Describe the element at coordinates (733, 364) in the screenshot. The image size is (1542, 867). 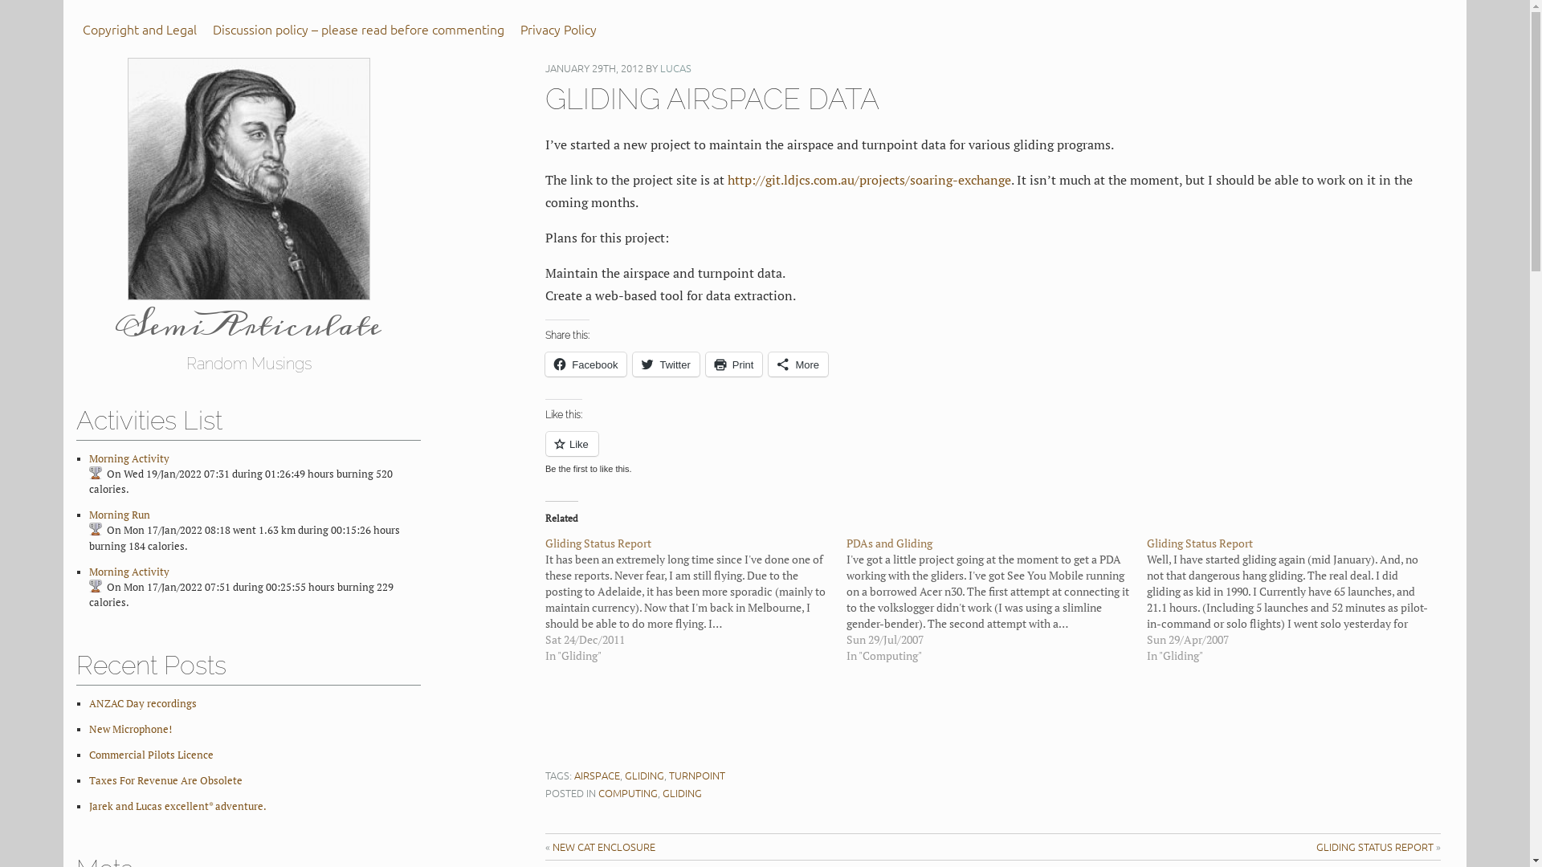
I see `'Print'` at that location.